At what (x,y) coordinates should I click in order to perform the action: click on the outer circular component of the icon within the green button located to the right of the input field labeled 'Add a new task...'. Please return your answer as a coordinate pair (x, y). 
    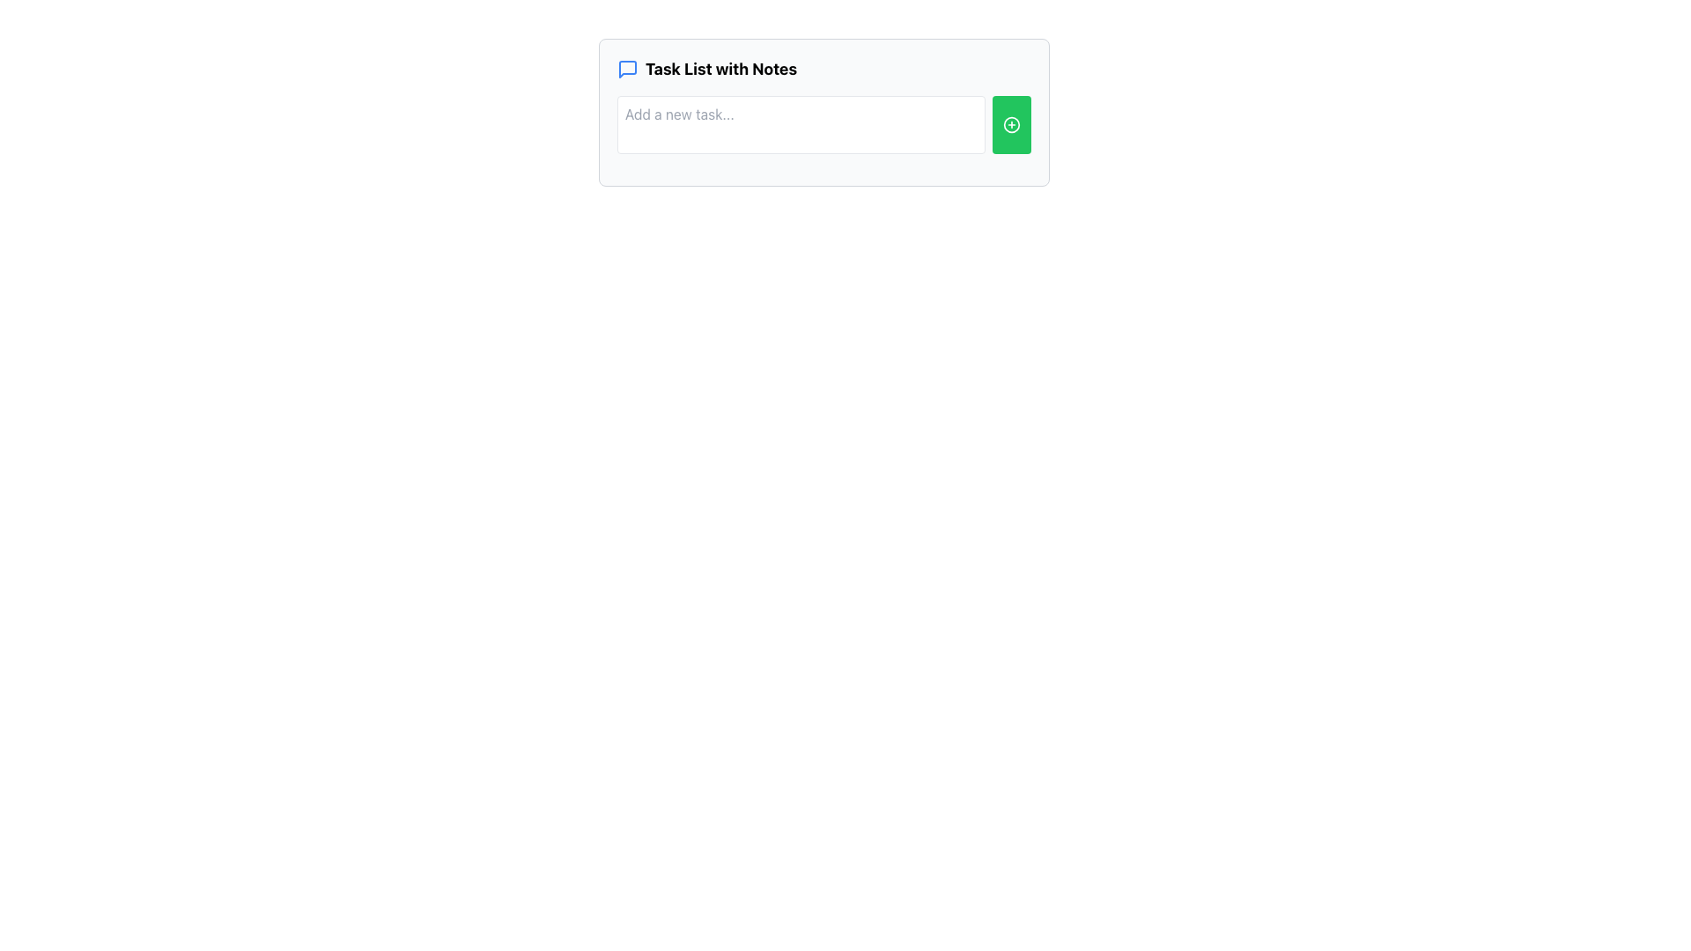
    Looking at the image, I should click on (1011, 124).